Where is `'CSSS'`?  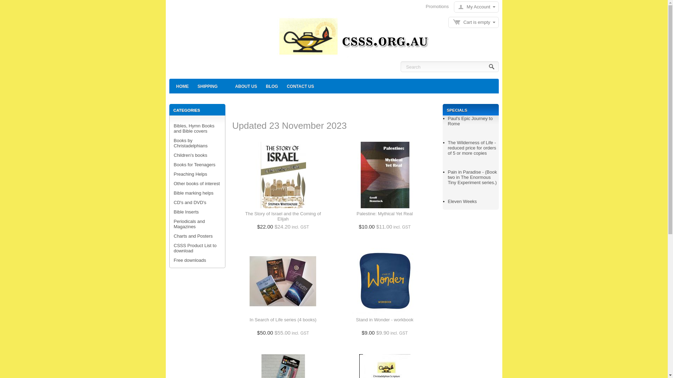 'CSSS' is located at coordinates (352, 38).